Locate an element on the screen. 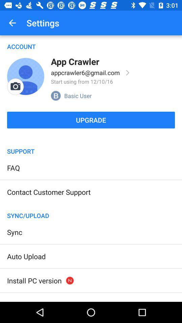 The height and width of the screenshot is (323, 182). the item above the appcrawler6@gmail.com icon is located at coordinates (74, 61).